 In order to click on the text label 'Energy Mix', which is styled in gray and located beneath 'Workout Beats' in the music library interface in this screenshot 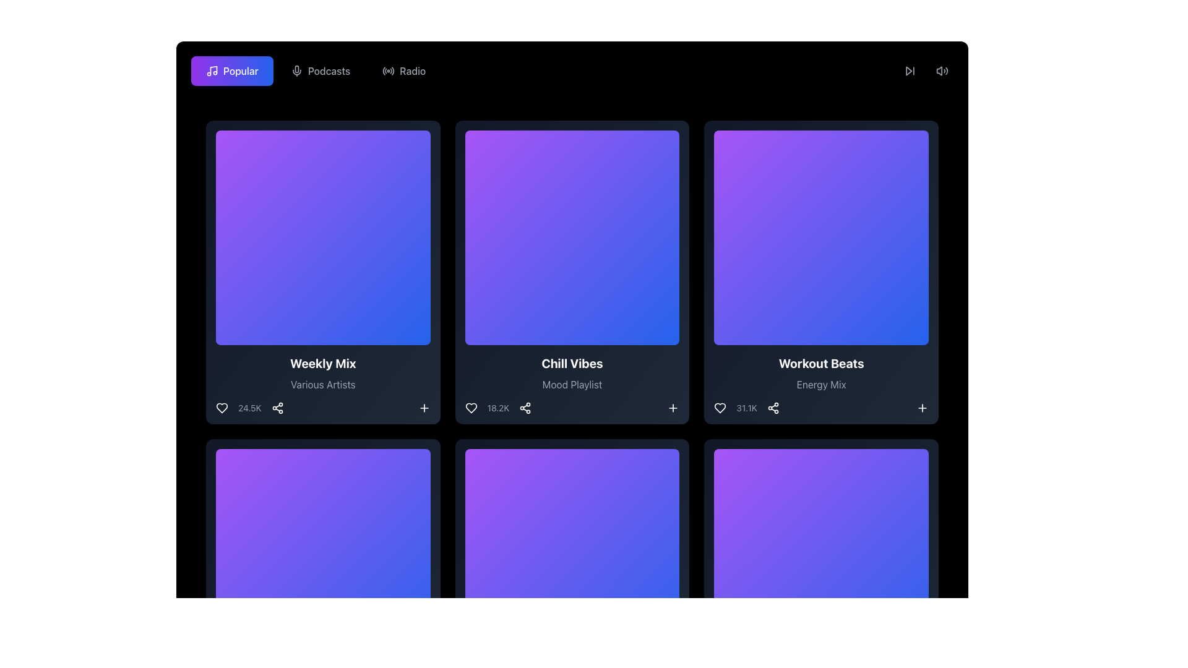, I will do `click(821, 383)`.